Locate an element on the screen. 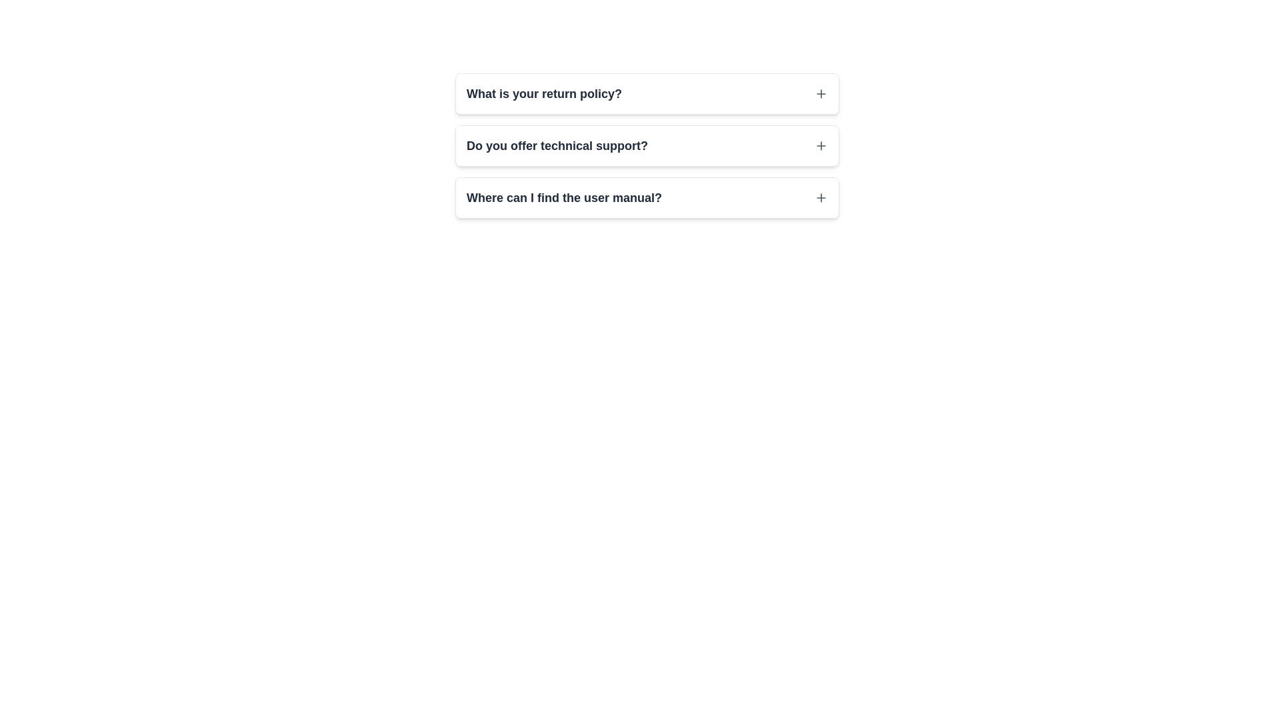  the text label reading 'What is your return policy?' is located at coordinates (544, 93).